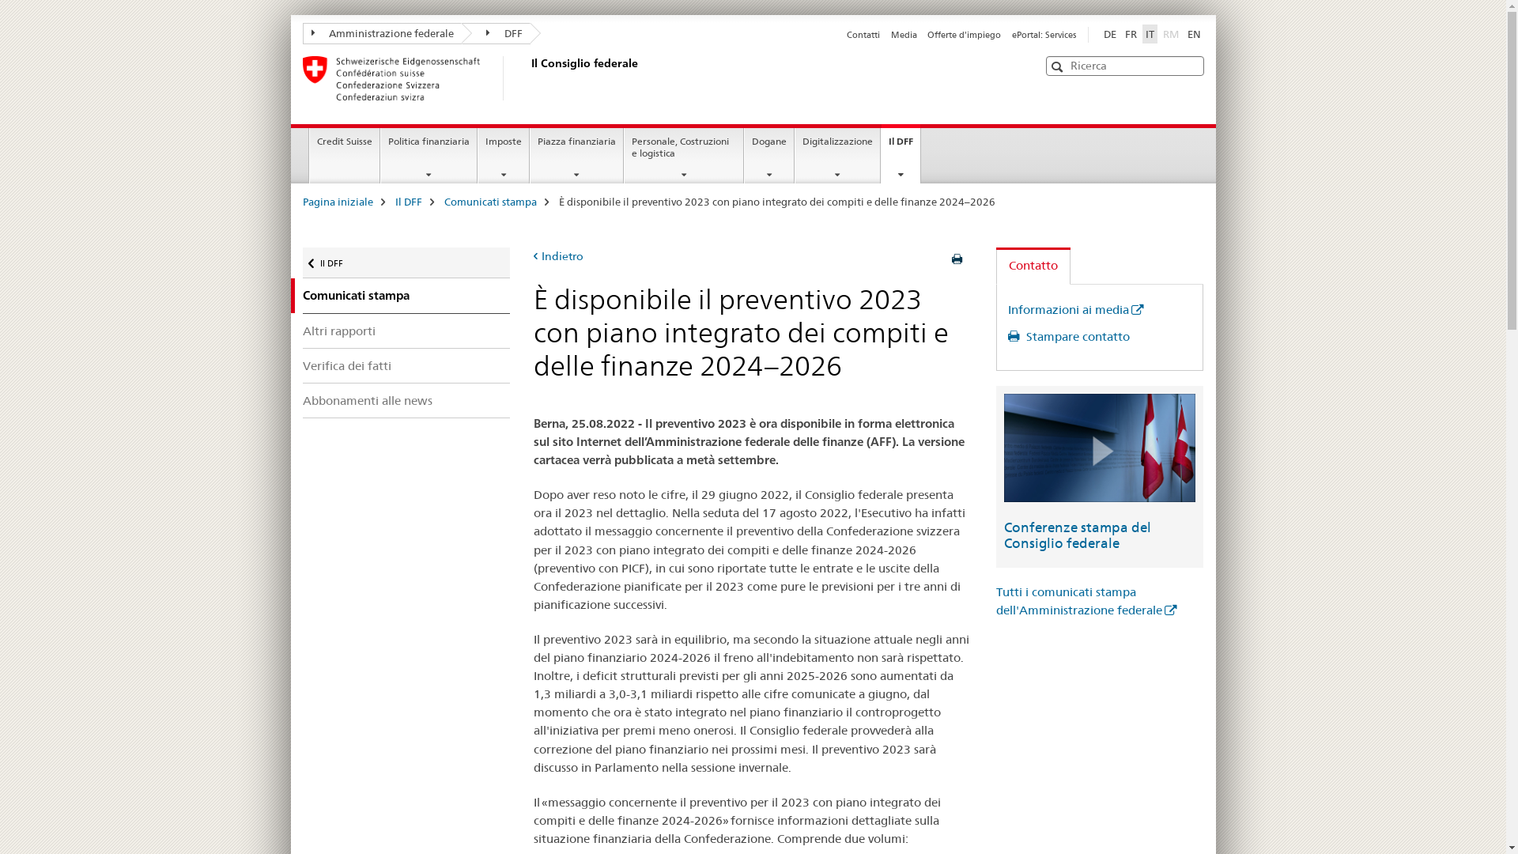 The image size is (1518, 854). What do you see at coordinates (527, 78) in the screenshot?
I see `'Il Consiglio federale'` at bounding box center [527, 78].